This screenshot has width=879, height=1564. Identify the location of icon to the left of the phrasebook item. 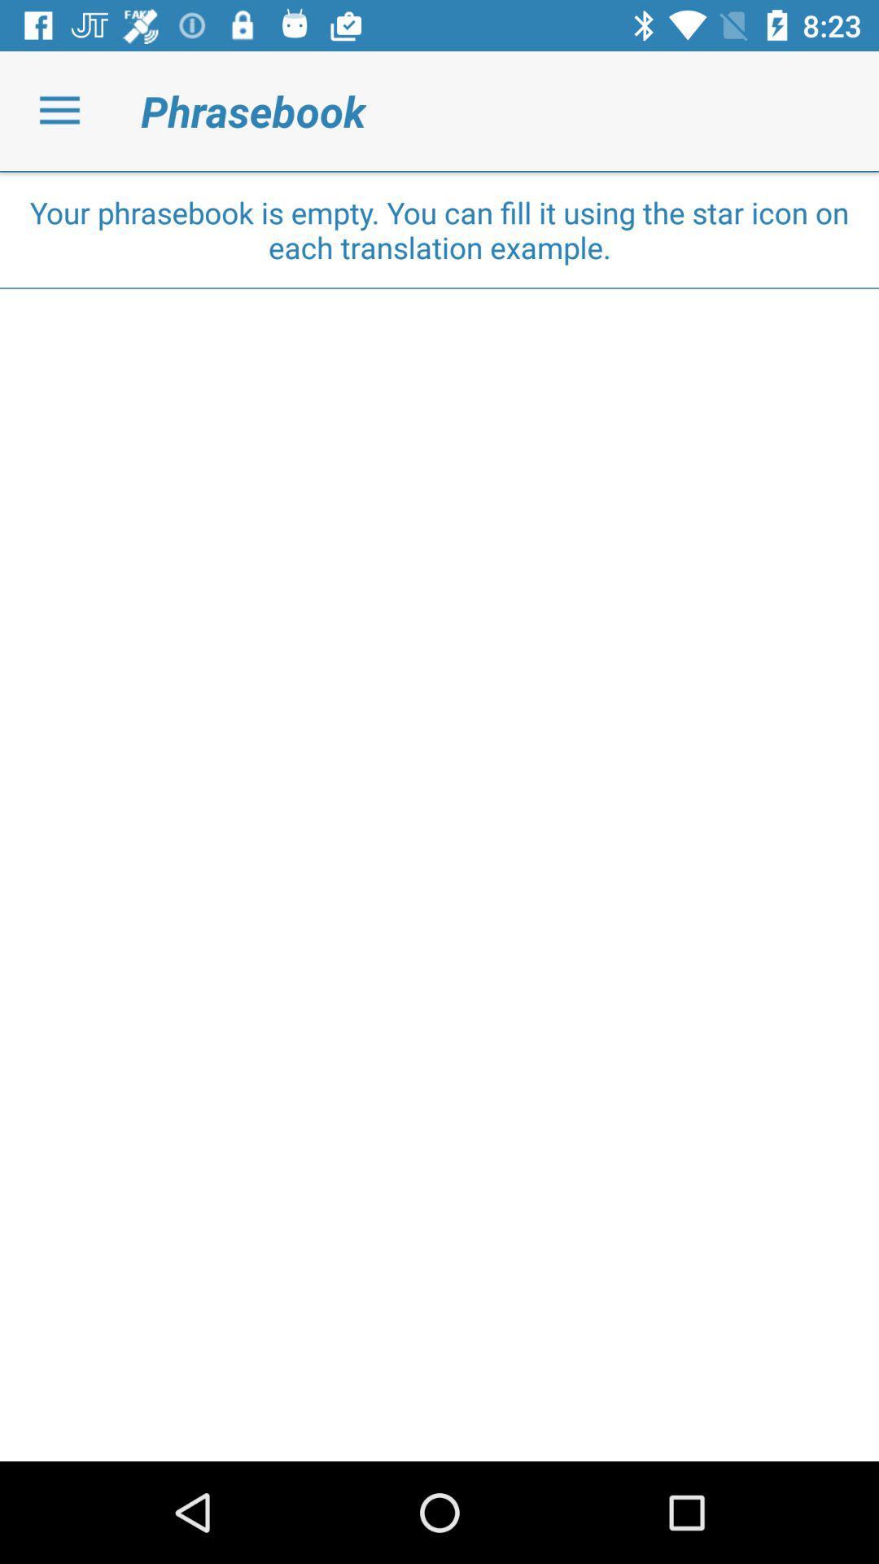
(59, 110).